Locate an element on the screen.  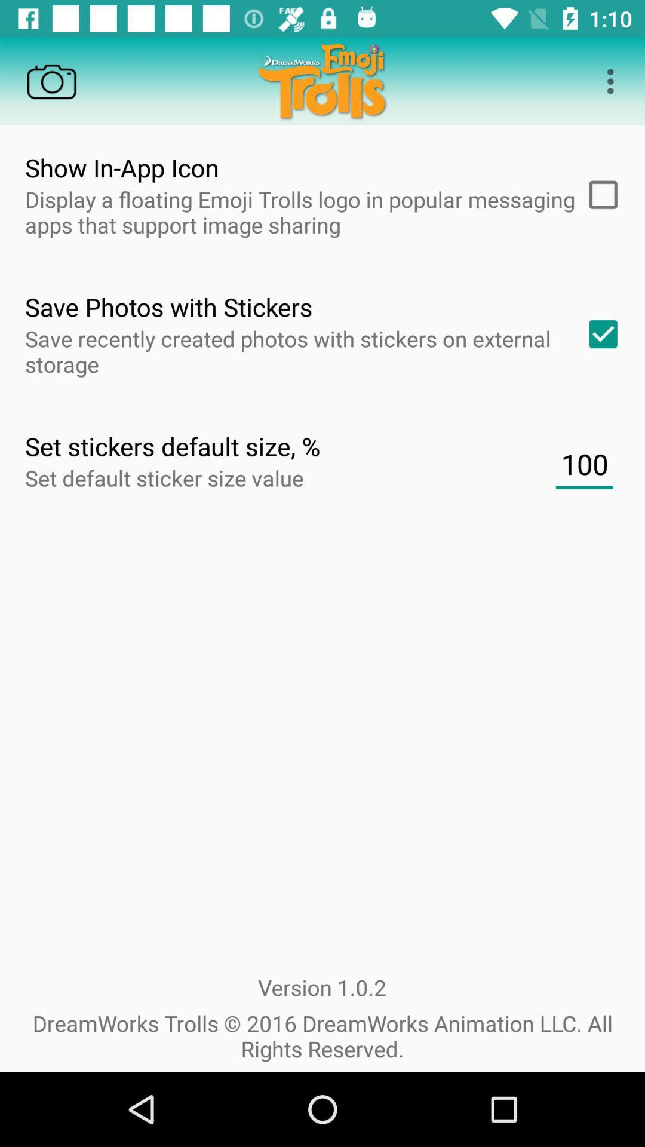
item below the save recently created icon is located at coordinates (583, 464).